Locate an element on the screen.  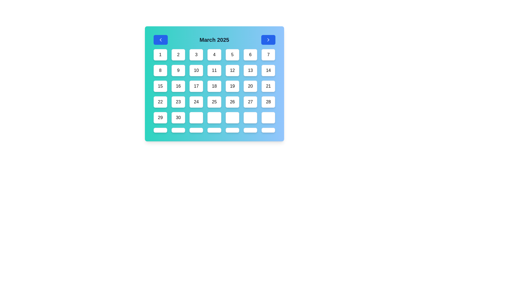
the button representing the 26th day of March 2025 in the calendar grid layout, located in the fifth row and fourth column is located at coordinates (232, 102).